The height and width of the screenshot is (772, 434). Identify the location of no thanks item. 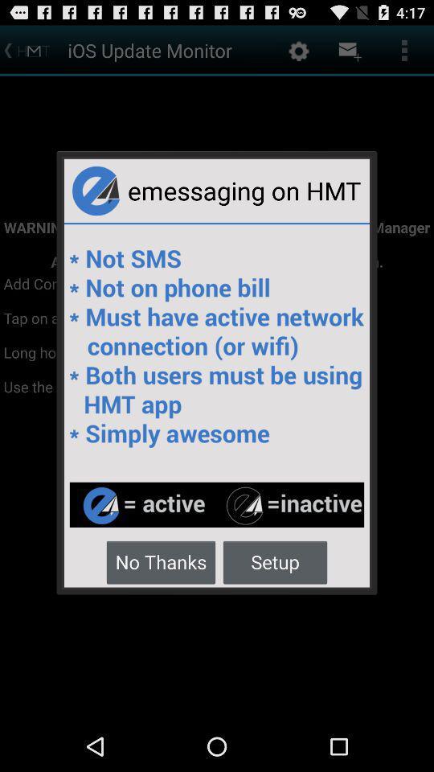
(161, 561).